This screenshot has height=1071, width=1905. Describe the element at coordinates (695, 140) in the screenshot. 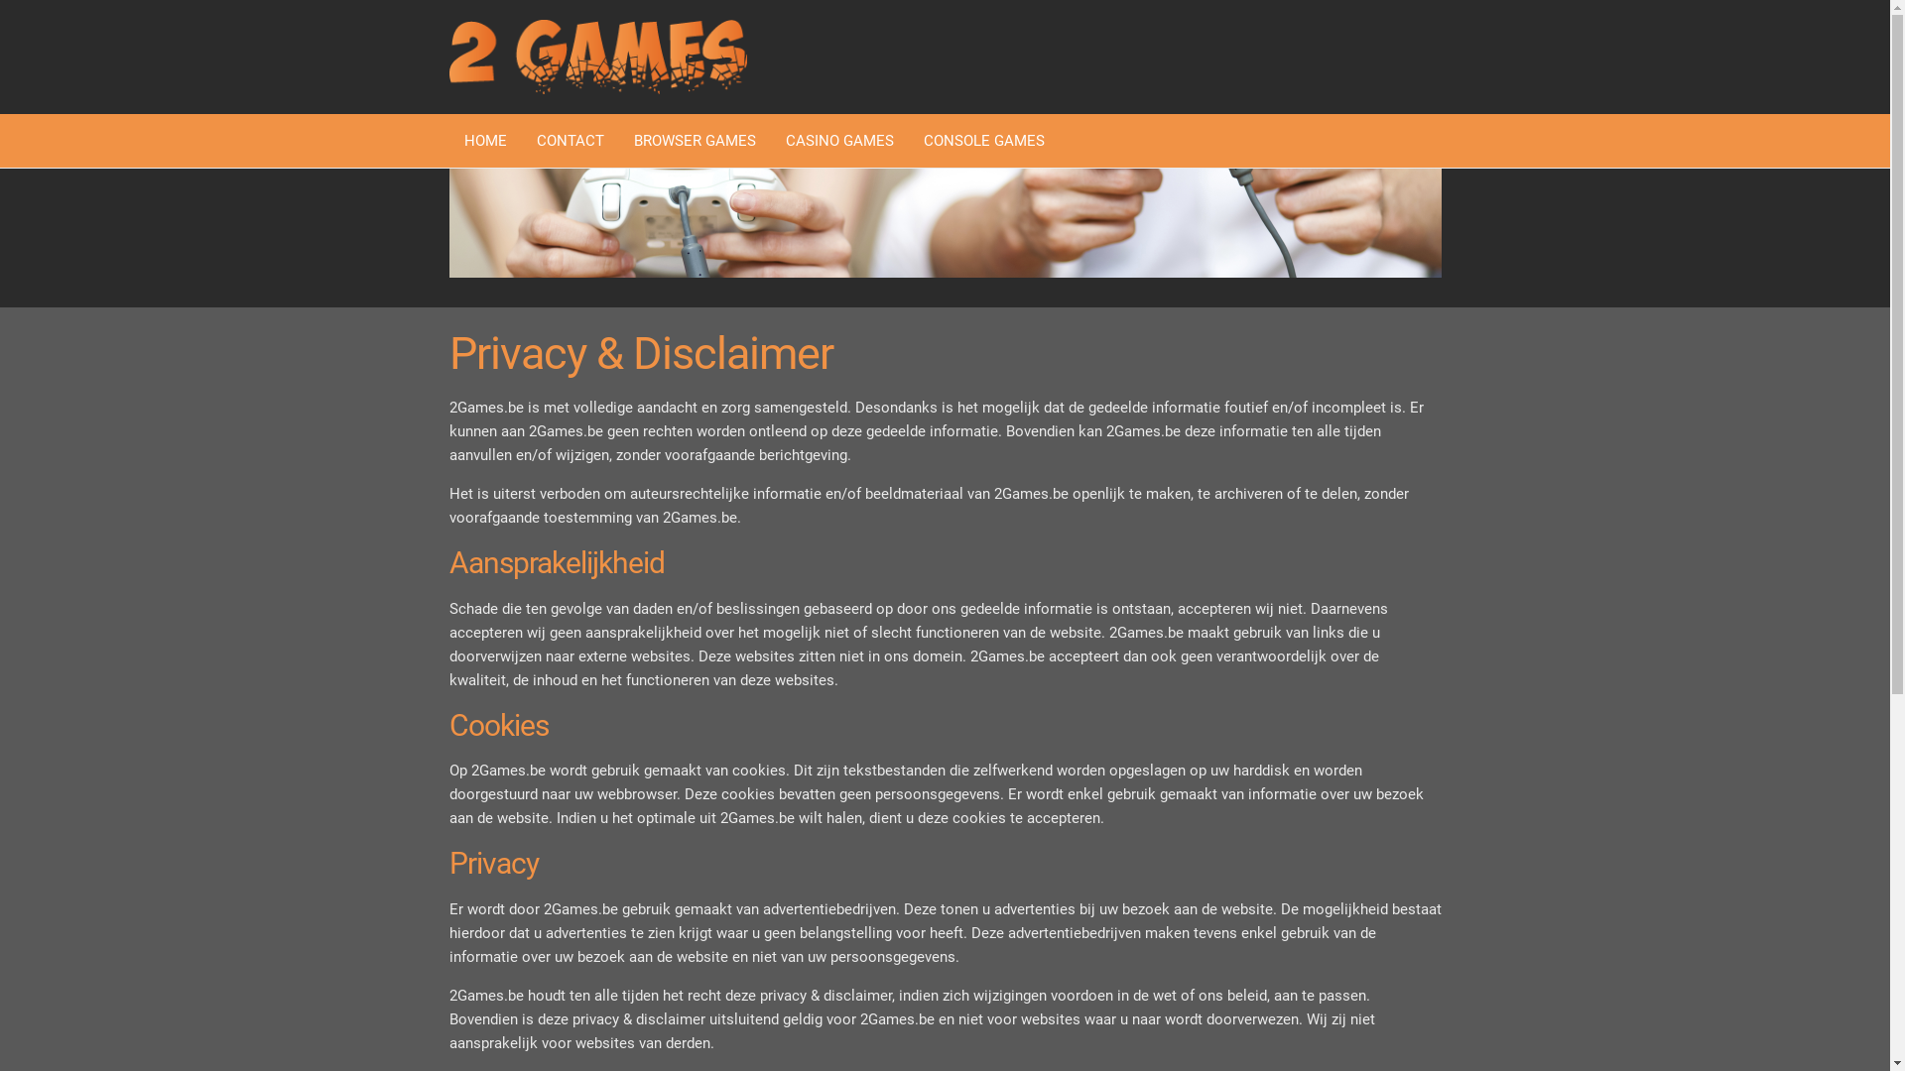

I see `'BROWSER GAMES'` at that location.